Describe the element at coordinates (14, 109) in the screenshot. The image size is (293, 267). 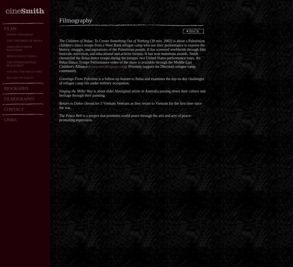
I see `'CONTACT'` at that location.